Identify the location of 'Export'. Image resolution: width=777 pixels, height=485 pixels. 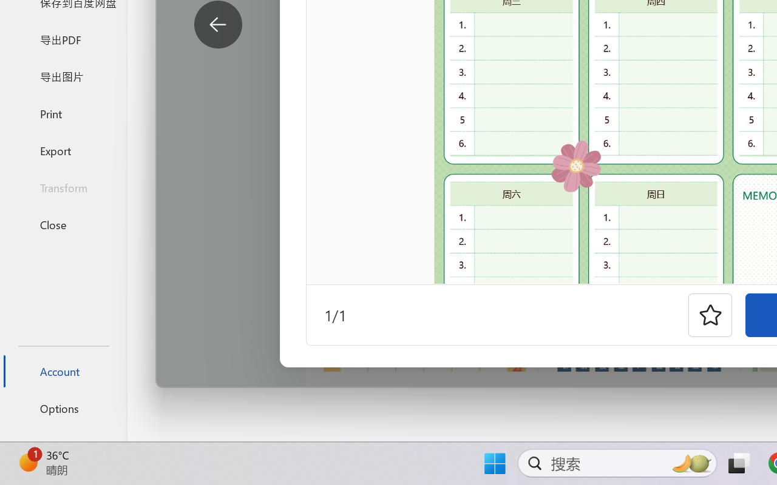
(63, 150).